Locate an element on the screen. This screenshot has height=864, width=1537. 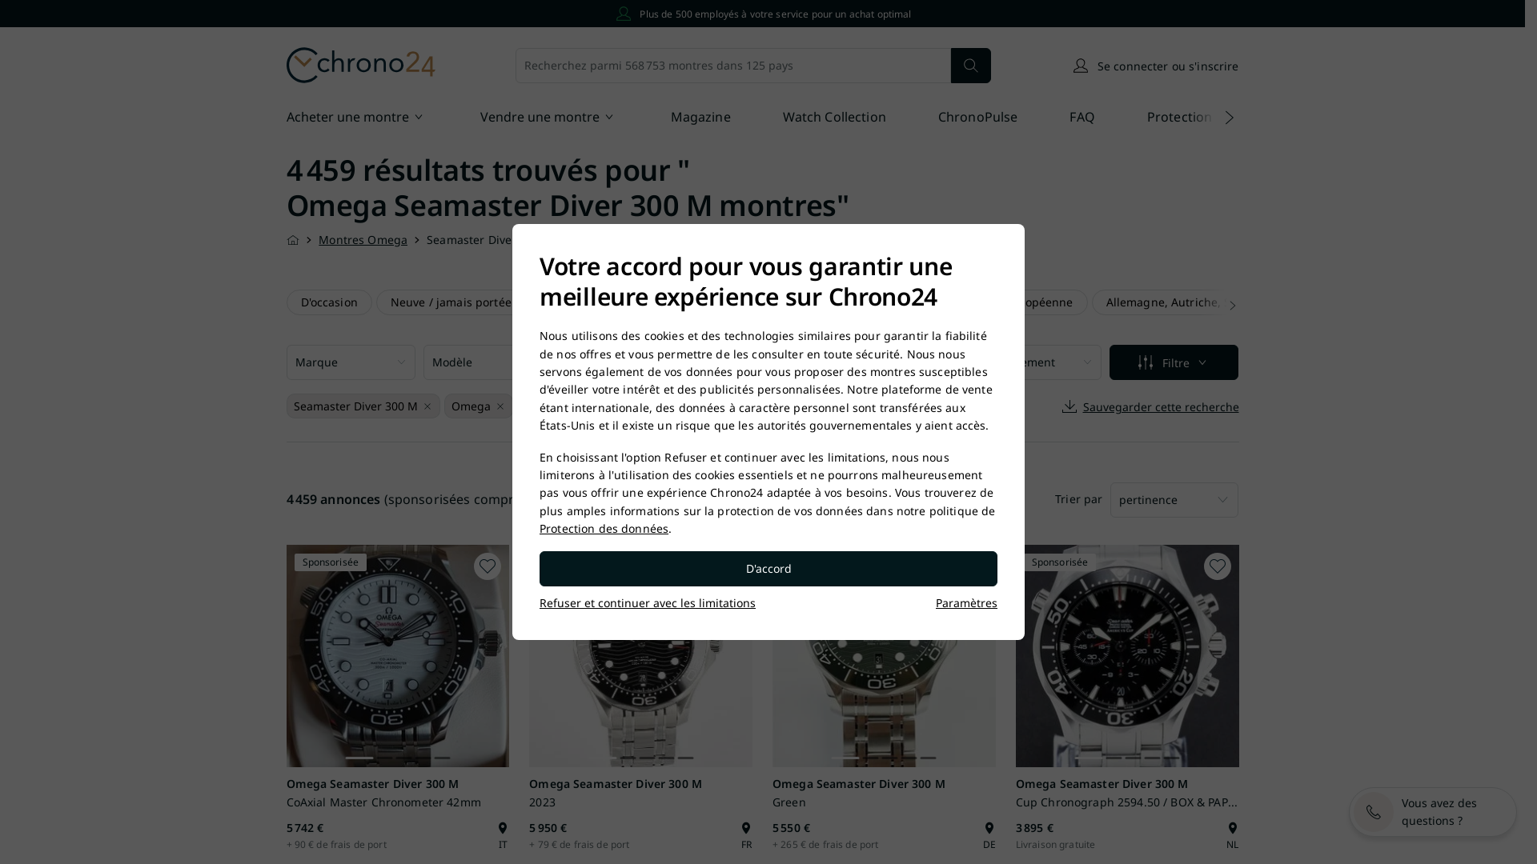
'FR' is located at coordinates (744, 834).